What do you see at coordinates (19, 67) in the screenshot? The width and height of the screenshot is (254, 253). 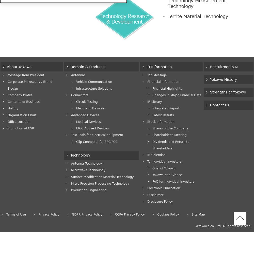 I see `'About Yokowo'` at bounding box center [19, 67].